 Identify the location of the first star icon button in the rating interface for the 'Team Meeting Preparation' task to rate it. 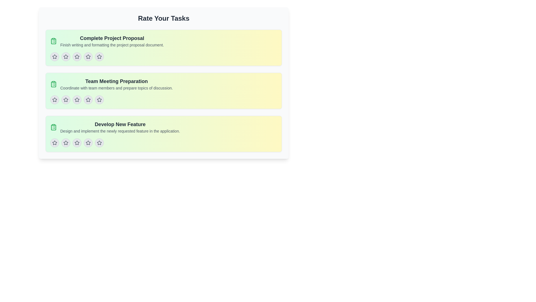
(66, 99).